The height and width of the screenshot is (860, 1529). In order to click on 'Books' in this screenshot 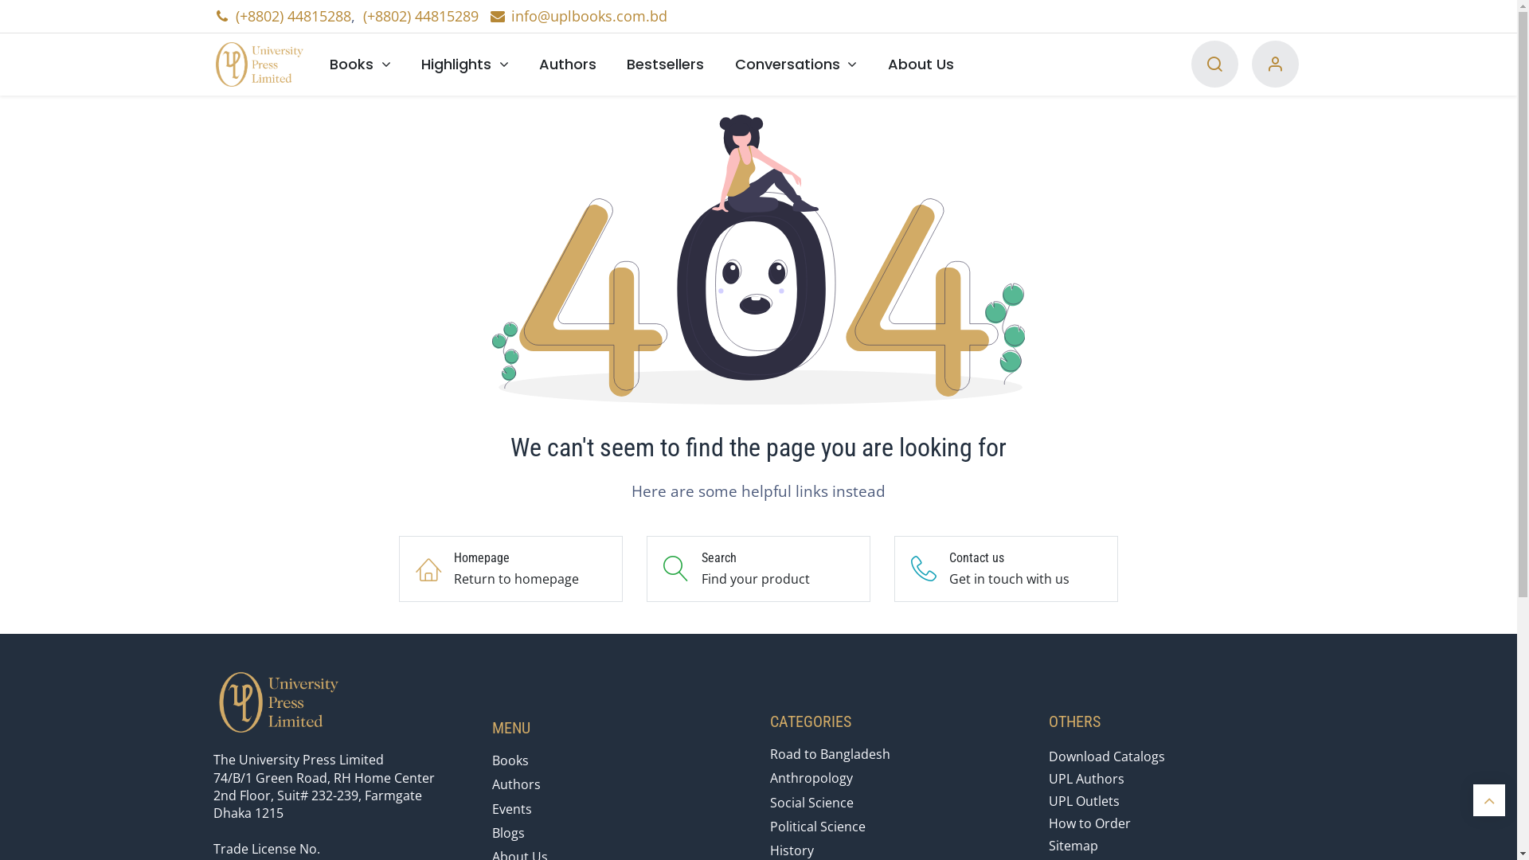, I will do `click(314, 63)`.